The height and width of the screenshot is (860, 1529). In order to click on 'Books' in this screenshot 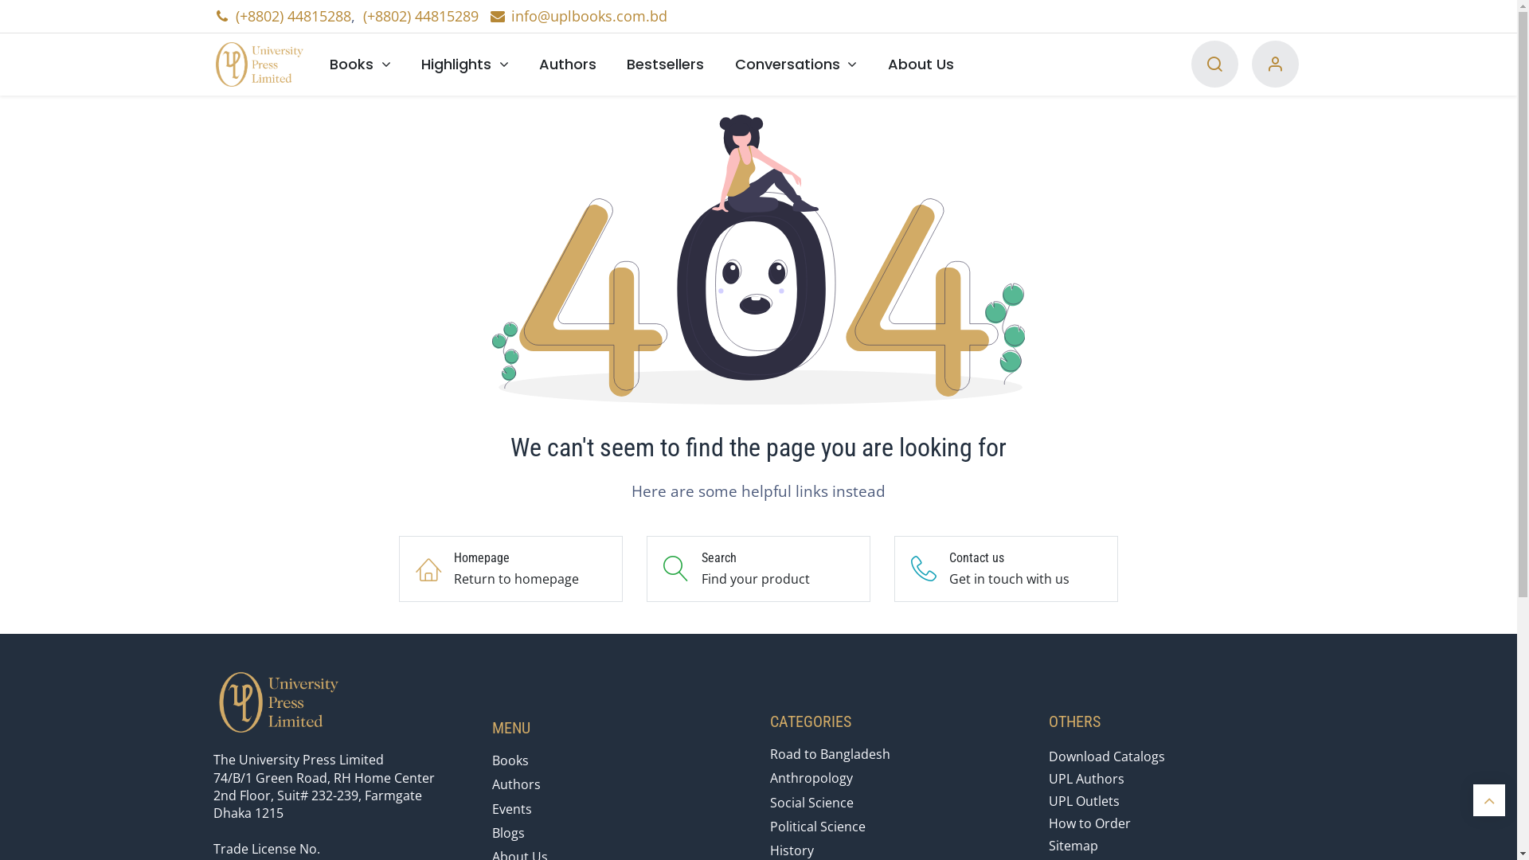, I will do `click(314, 63)`.